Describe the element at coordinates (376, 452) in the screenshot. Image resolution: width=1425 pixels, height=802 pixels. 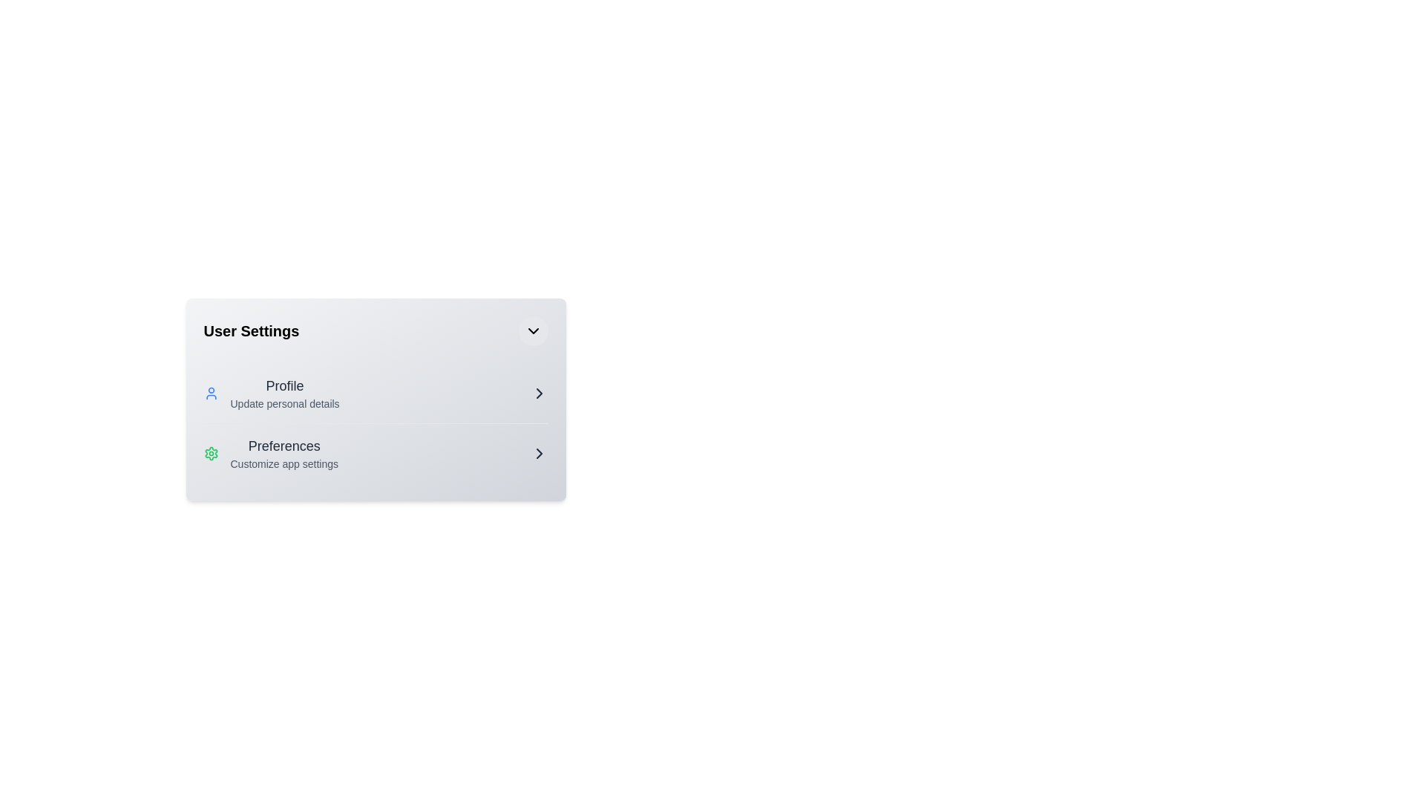
I see `the second entry in the vertical list under 'User Settings'` at that location.